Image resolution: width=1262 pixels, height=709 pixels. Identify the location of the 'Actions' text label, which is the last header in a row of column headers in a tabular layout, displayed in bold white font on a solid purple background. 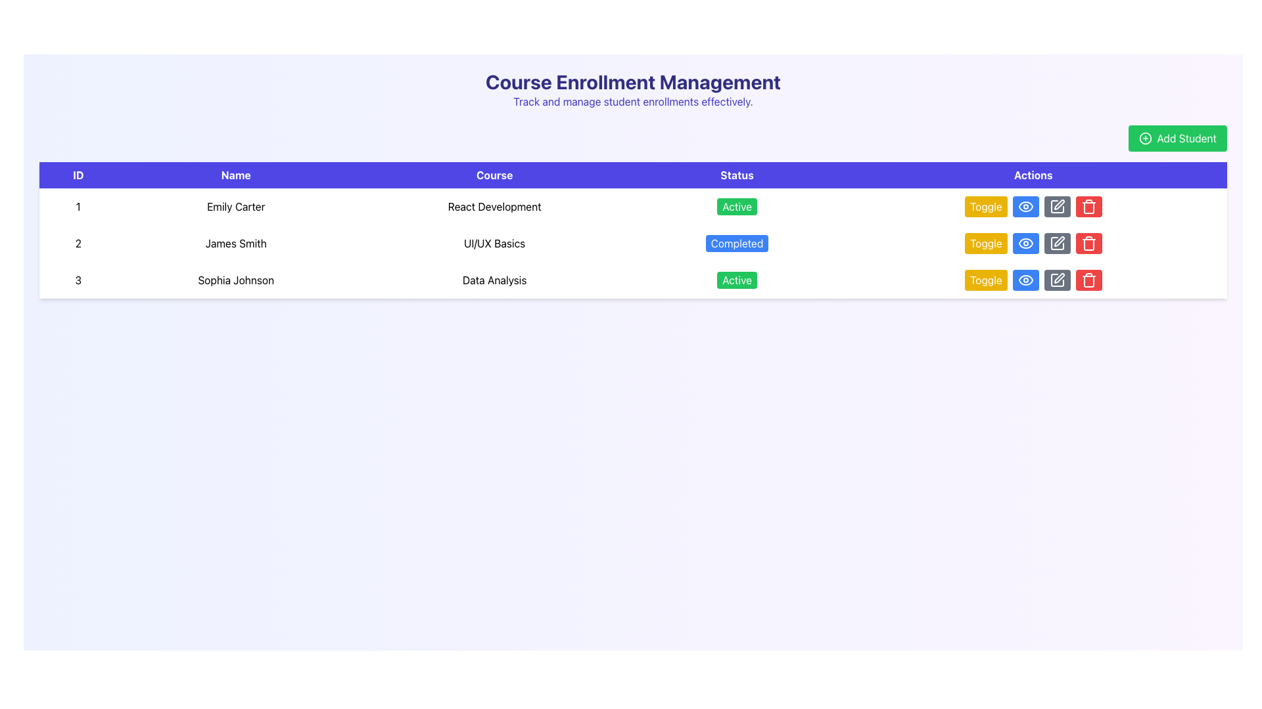
(1033, 174).